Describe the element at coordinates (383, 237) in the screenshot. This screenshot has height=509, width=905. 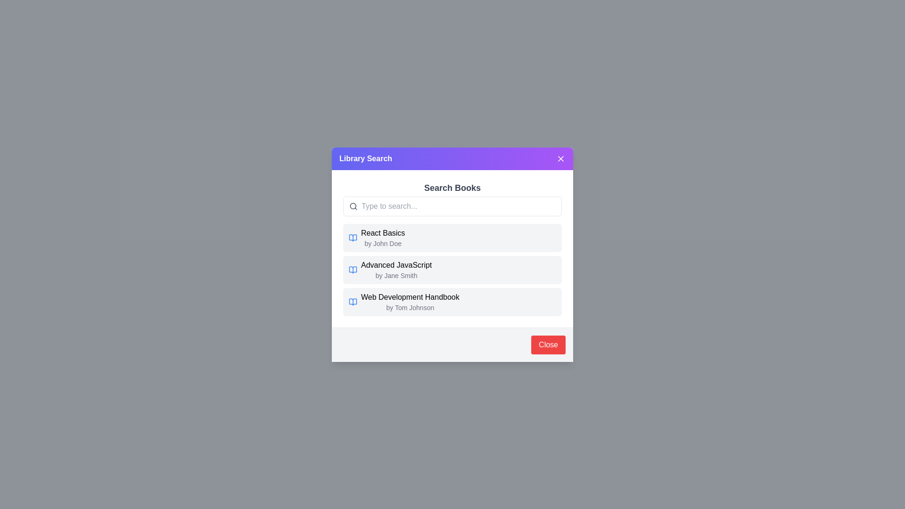
I see `the text element displaying 'React Basics' and 'by John Doe', which is the first item in a scrollable list of book entries` at that location.